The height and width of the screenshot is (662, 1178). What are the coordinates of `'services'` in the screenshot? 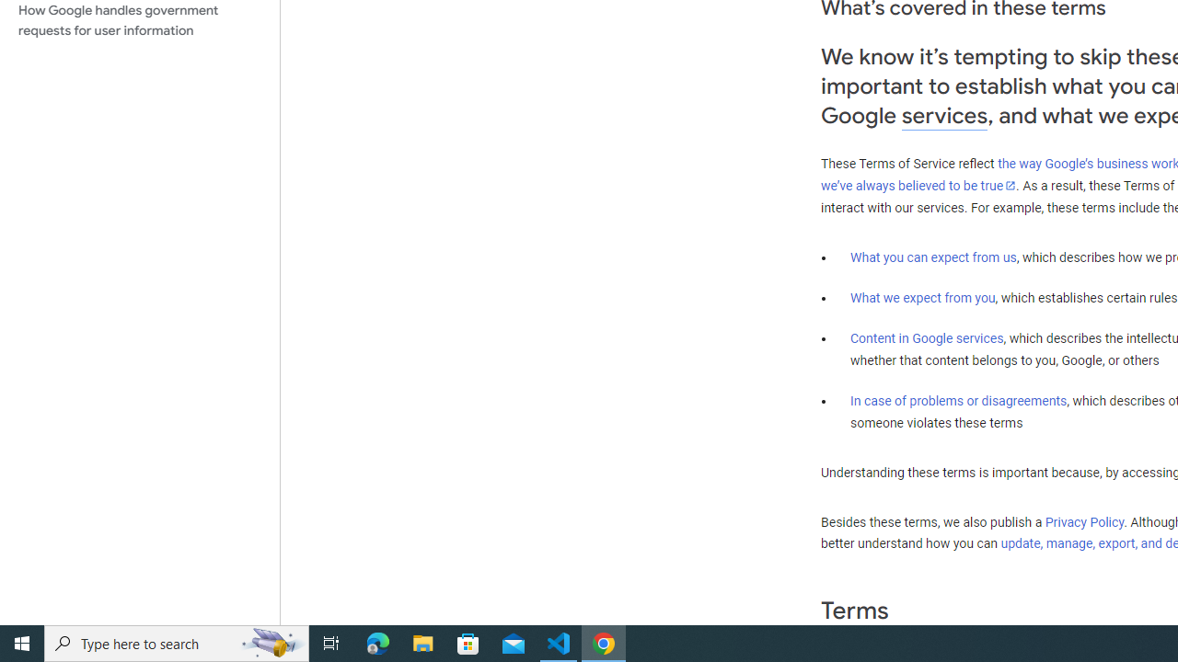 It's located at (944, 115).